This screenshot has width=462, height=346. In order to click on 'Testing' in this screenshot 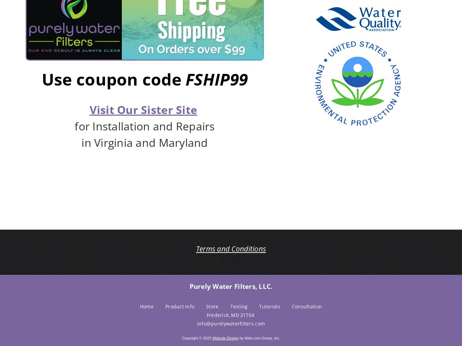, I will do `click(238, 306)`.